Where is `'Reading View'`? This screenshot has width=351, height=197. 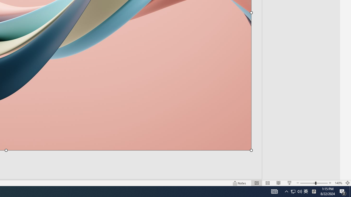
'Reading View' is located at coordinates (278, 183).